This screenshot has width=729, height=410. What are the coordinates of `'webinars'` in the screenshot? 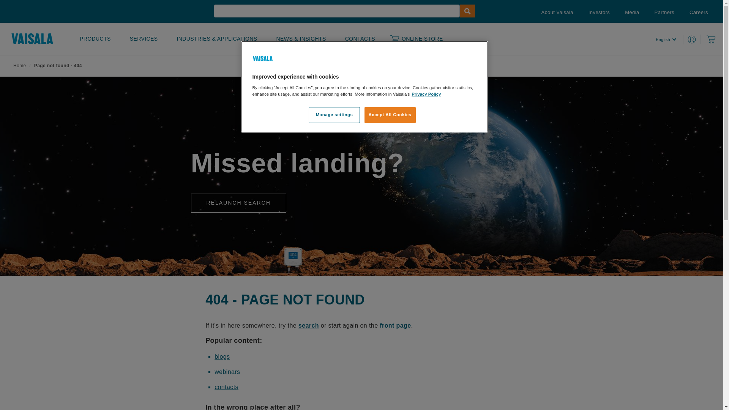 It's located at (227, 371).